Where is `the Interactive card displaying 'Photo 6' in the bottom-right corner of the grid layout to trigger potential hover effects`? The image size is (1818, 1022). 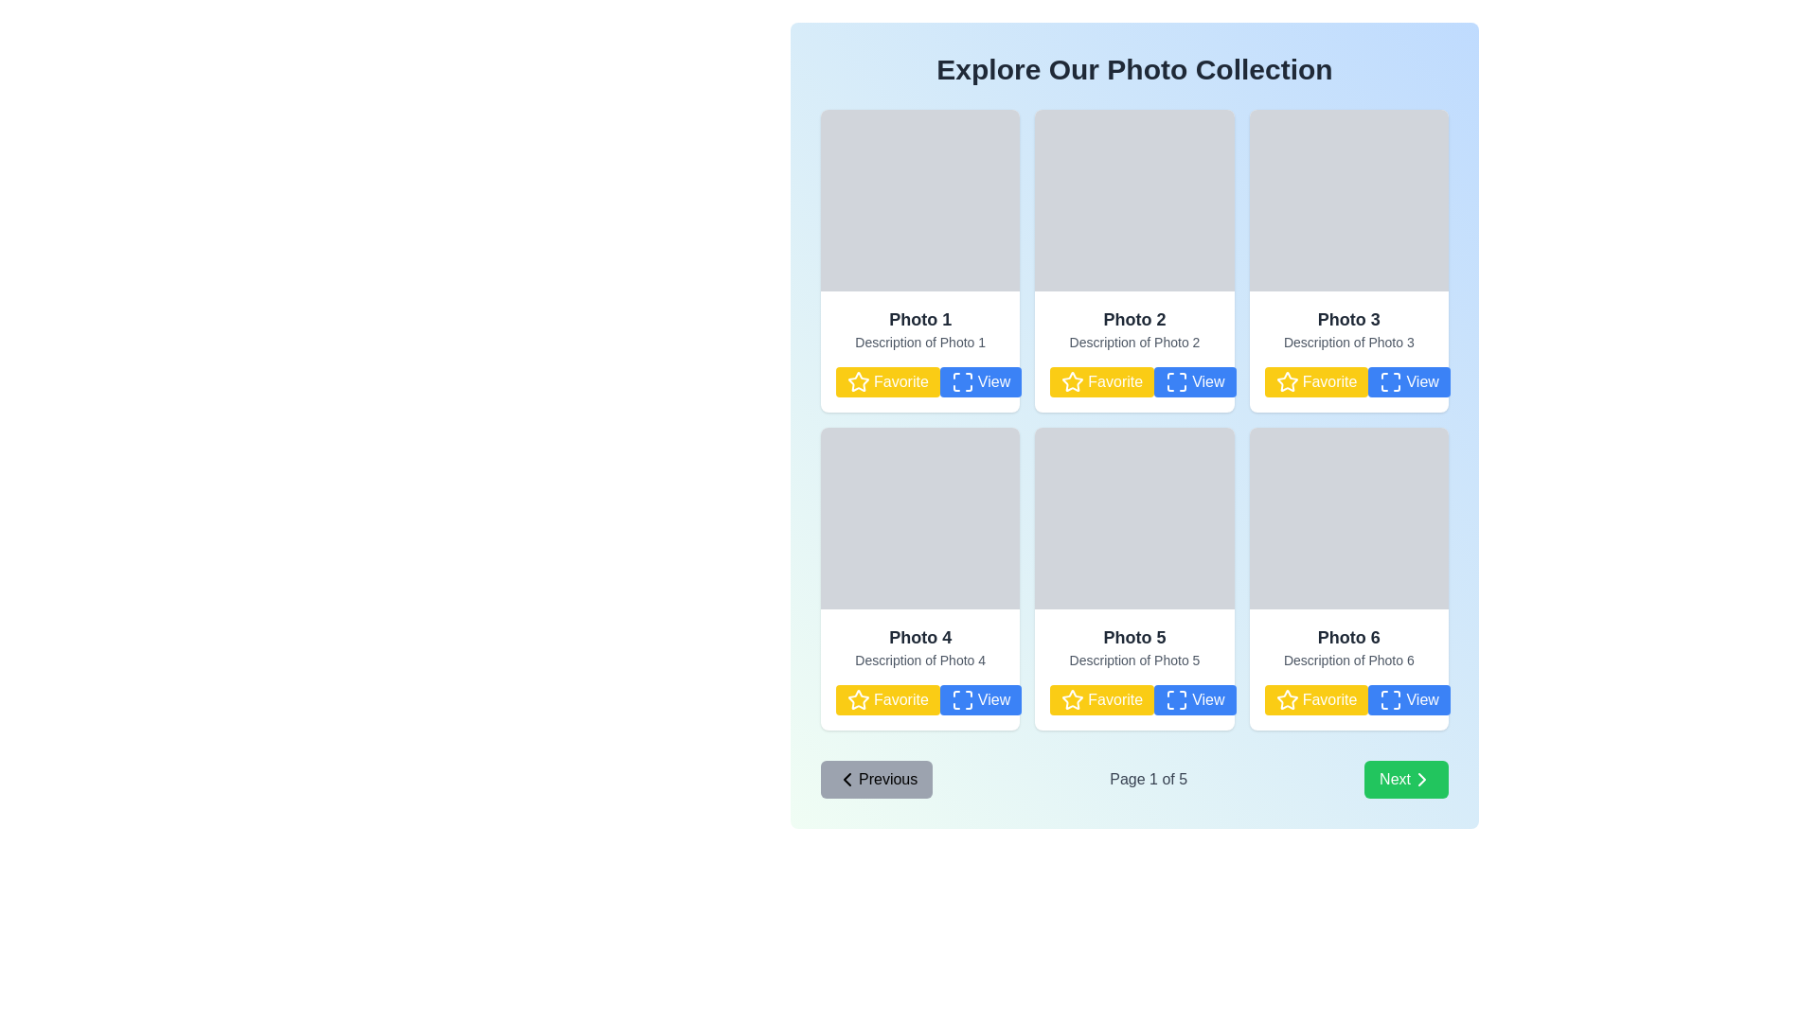 the Interactive card displaying 'Photo 6' in the bottom-right corner of the grid layout to trigger potential hover effects is located at coordinates (1347, 669).